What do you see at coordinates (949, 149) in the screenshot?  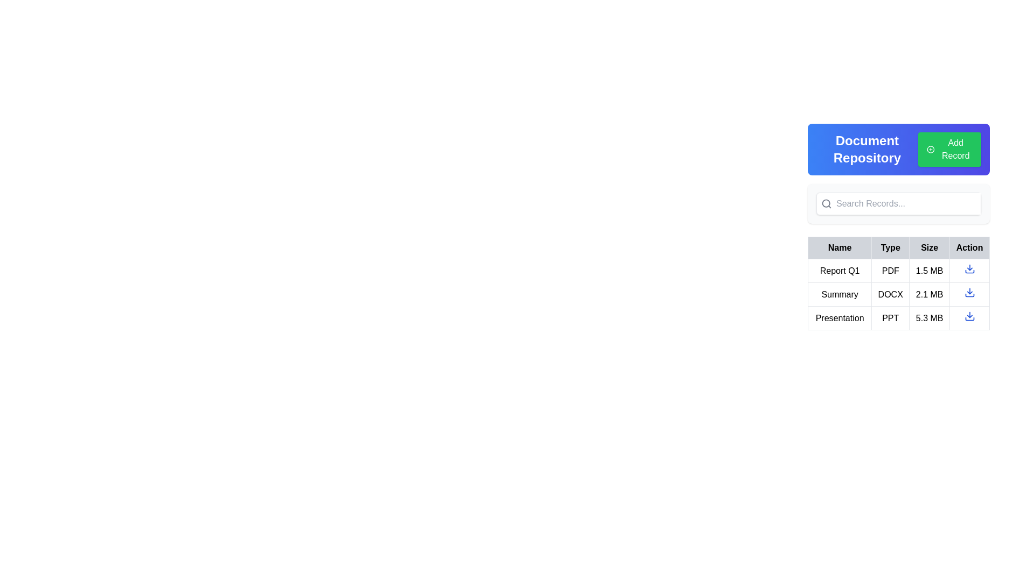 I see `the green rectangular button labeled 'Add Record'` at bounding box center [949, 149].